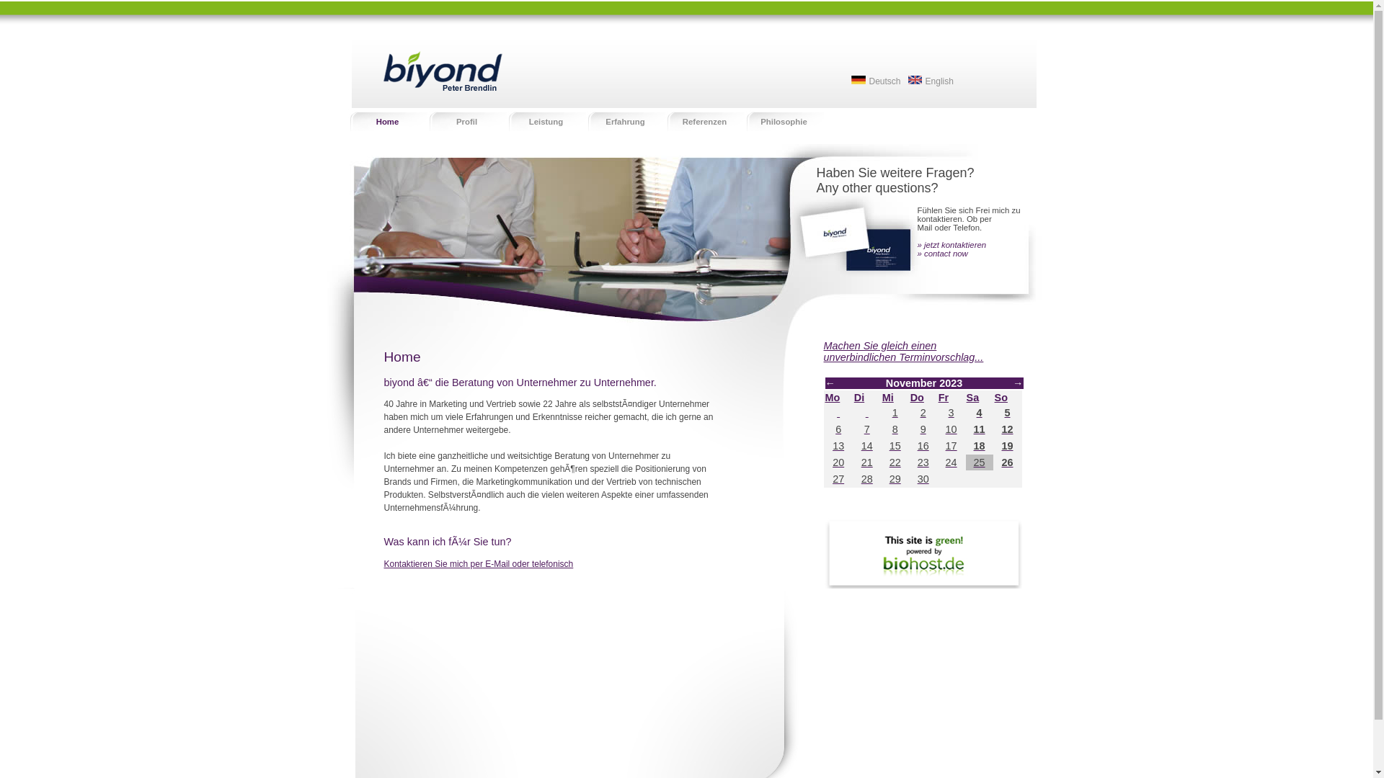 This screenshot has width=1384, height=778. What do you see at coordinates (866, 478) in the screenshot?
I see `'28'` at bounding box center [866, 478].